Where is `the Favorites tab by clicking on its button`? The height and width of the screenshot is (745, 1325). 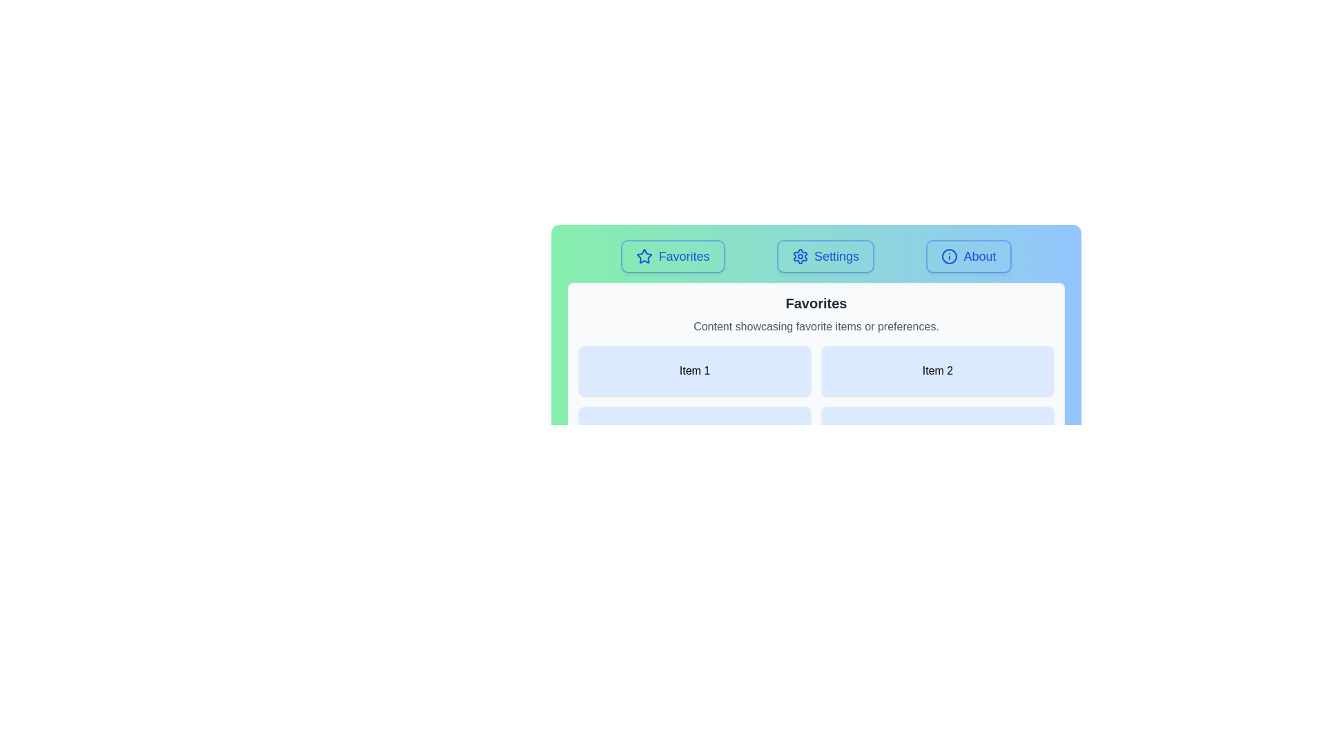
the Favorites tab by clicking on its button is located at coordinates (672, 256).